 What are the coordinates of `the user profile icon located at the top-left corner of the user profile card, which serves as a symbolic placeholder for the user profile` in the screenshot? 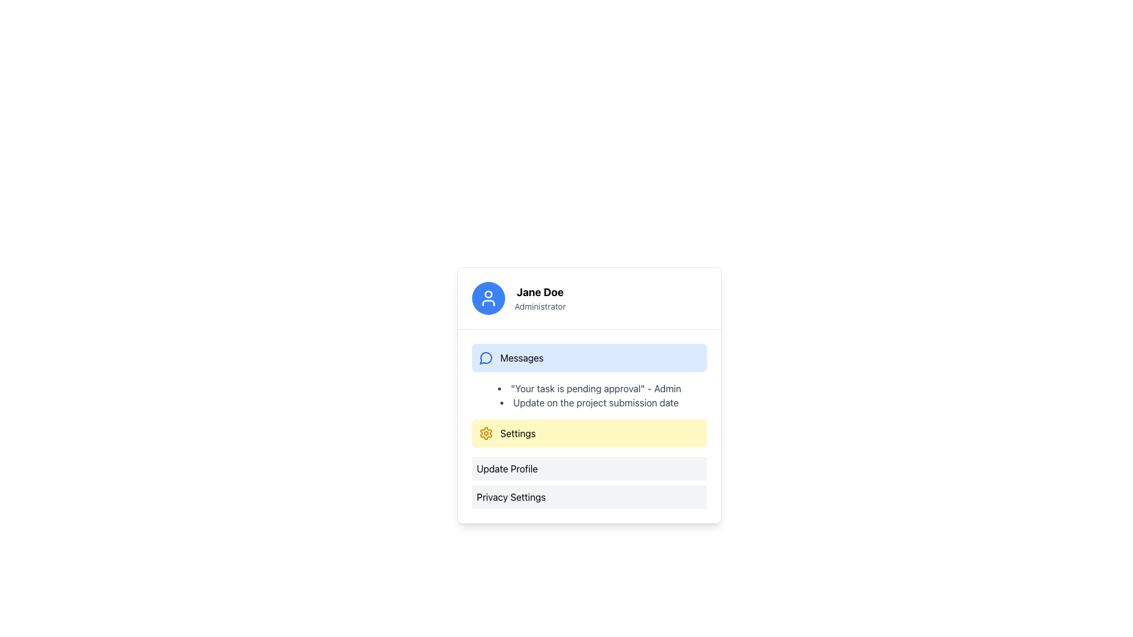 It's located at (489, 297).